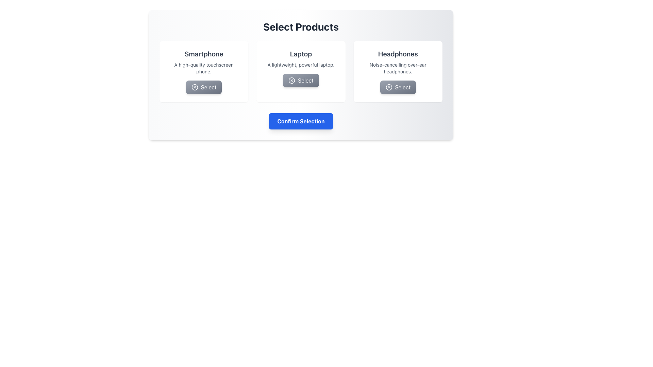 The width and height of the screenshot is (653, 367). I want to click on the button that allows the user, so click(203, 87).